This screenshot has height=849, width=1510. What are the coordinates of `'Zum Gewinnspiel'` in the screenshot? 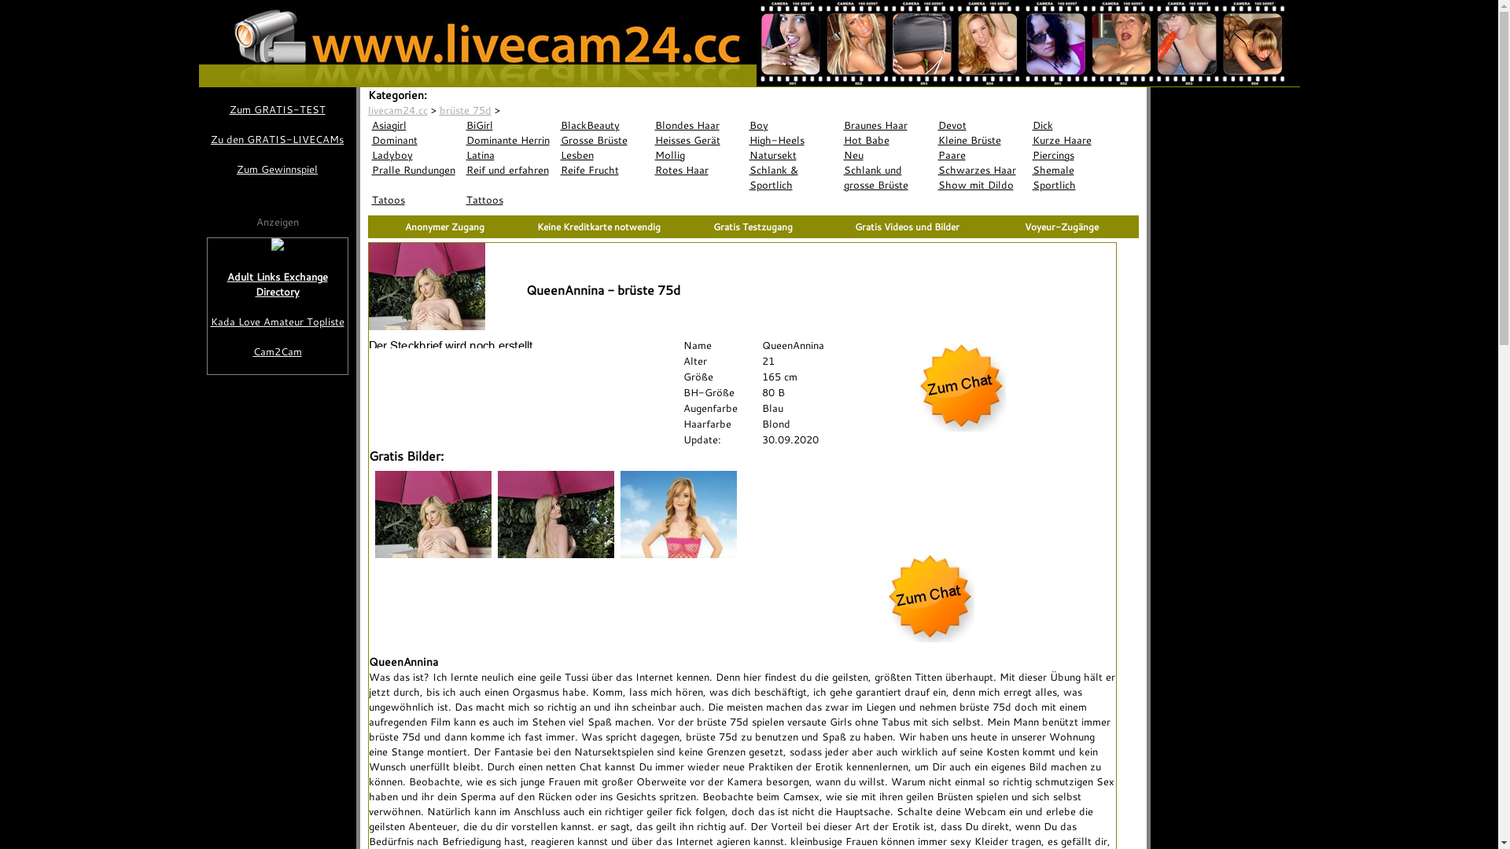 It's located at (276, 169).